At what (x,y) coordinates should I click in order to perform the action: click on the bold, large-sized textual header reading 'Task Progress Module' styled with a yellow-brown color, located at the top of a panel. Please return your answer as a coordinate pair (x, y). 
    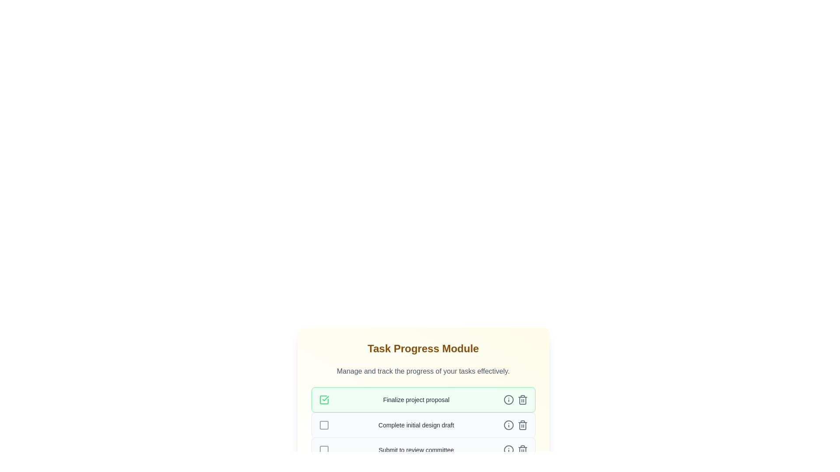
    Looking at the image, I should click on (423, 348).